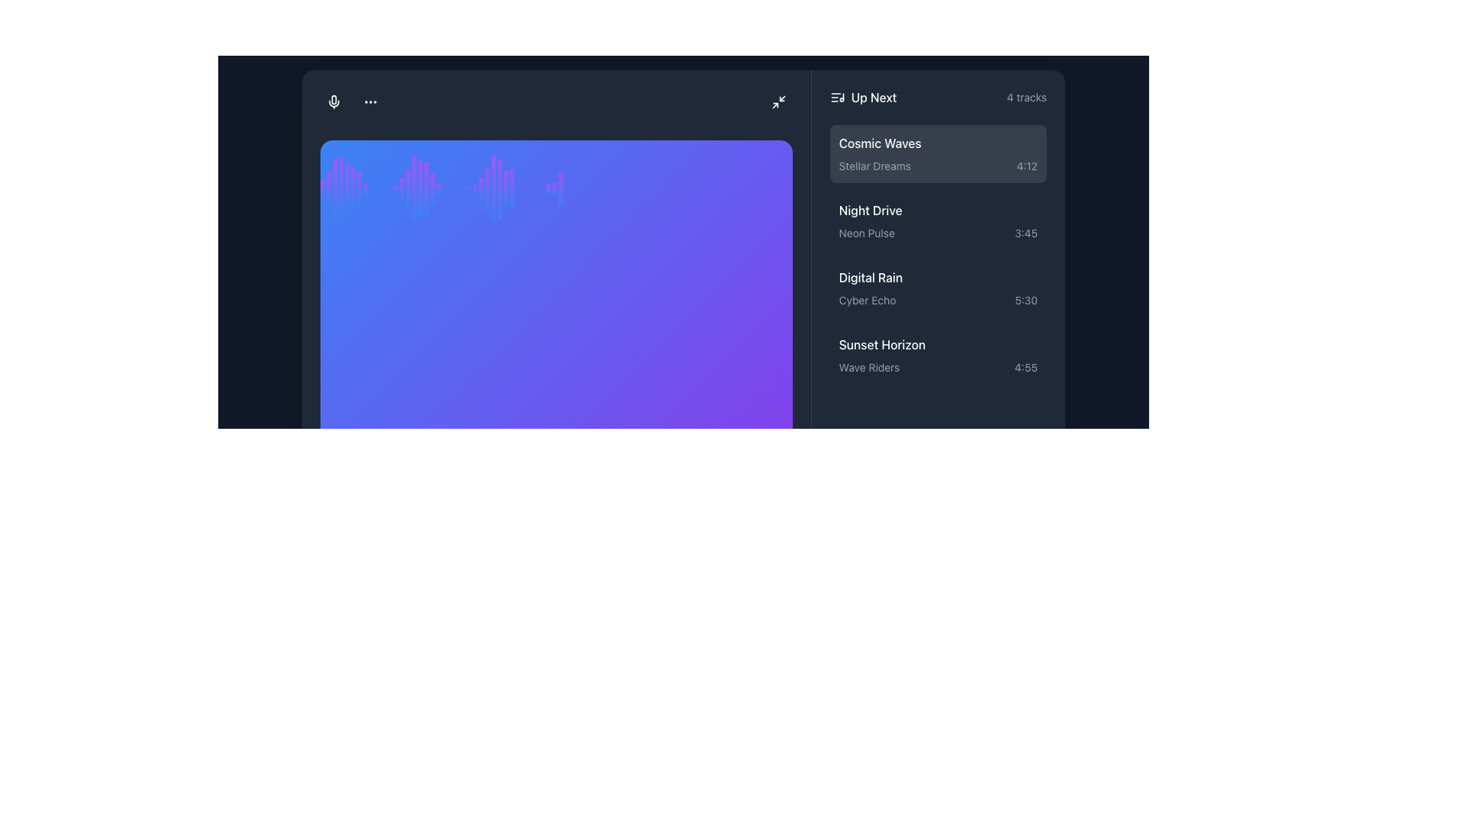 The width and height of the screenshot is (1465, 824). I want to click on the circular button with a heart icon inside, located in the 'Up Next' sidebar panel, aligned with the 'Night Drive' track, so click(1029, 210).